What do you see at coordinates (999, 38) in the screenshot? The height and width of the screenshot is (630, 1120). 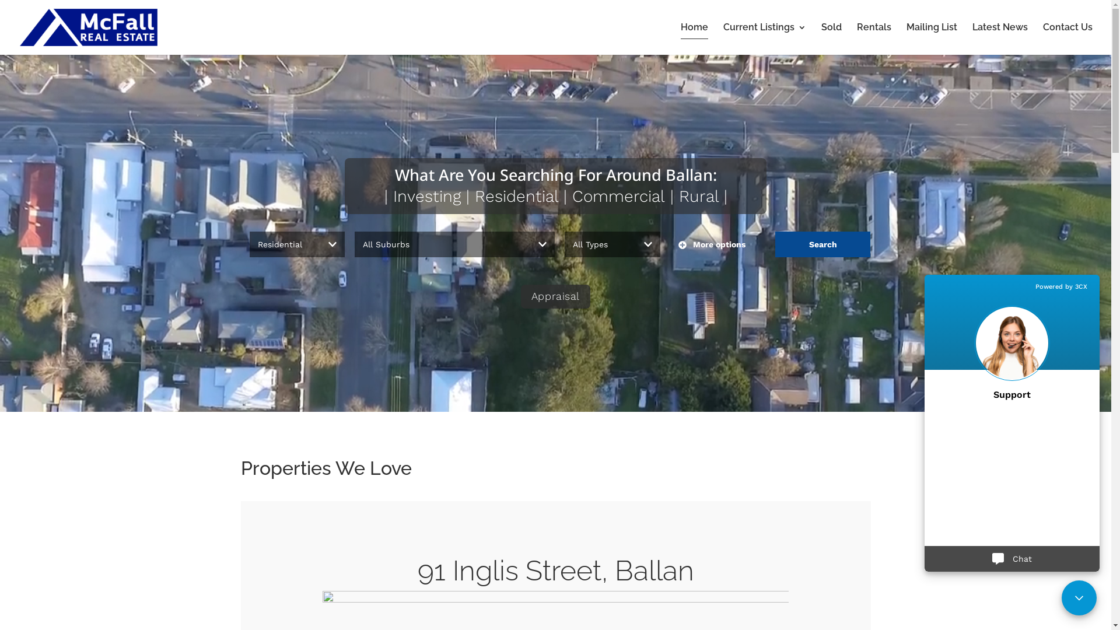 I see `'Latest News'` at bounding box center [999, 38].